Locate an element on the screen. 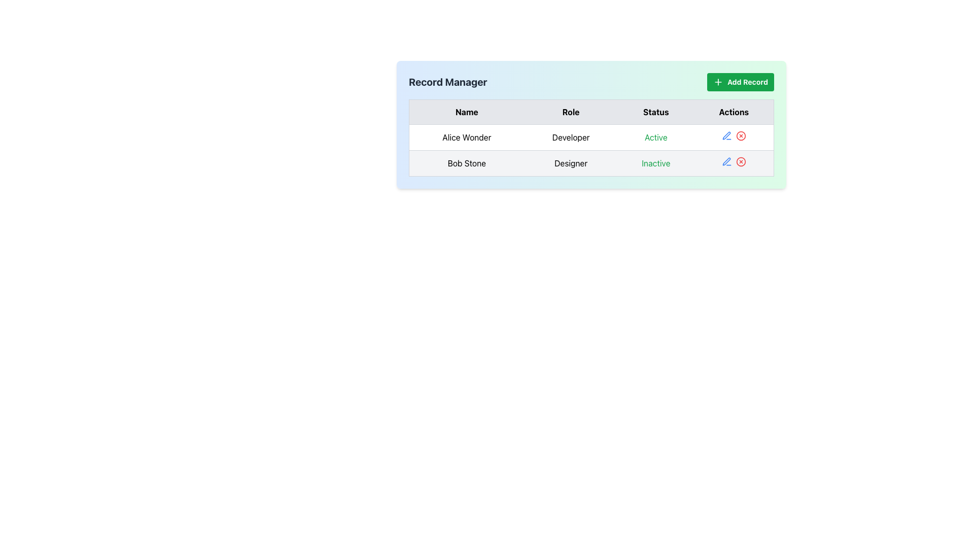 The image size is (974, 548). the edit icon in the Table Action Cell for the first row, associated with the entry 'Alice Wonder' is located at coordinates (734, 137).